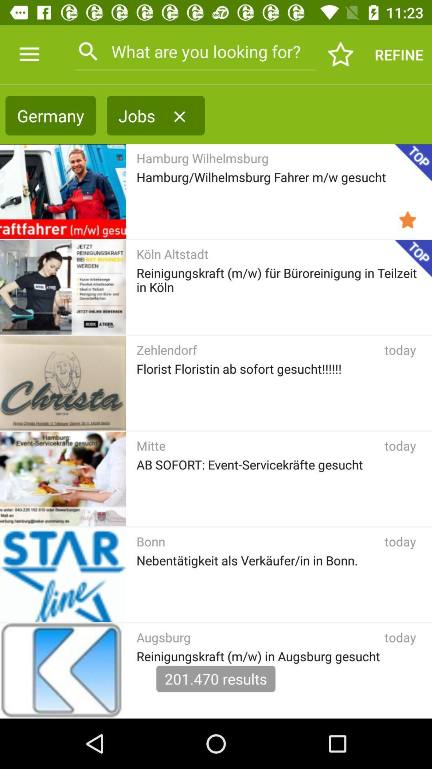 This screenshot has height=769, width=432. What do you see at coordinates (341, 54) in the screenshot?
I see `item next to the refine` at bounding box center [341, 54].